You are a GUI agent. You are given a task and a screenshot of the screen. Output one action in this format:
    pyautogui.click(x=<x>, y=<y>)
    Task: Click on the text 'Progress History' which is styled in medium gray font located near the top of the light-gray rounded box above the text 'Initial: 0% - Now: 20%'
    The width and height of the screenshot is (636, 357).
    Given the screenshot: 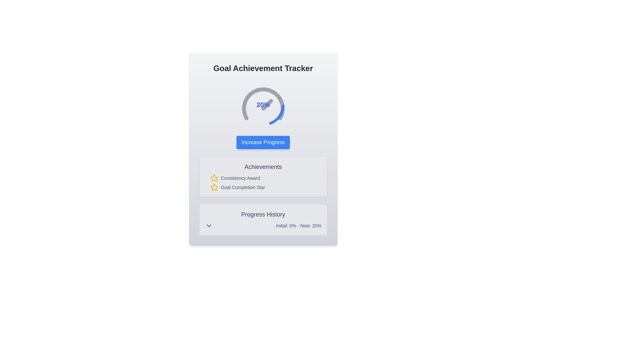 What is the action you would take?
    pyautogui.click(x=263, y=214)
    